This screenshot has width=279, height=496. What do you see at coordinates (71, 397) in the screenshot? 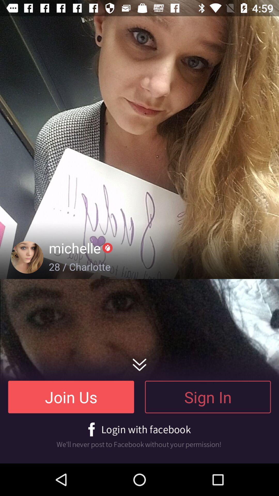
I see `the join us` at bounding box center [71, 397].